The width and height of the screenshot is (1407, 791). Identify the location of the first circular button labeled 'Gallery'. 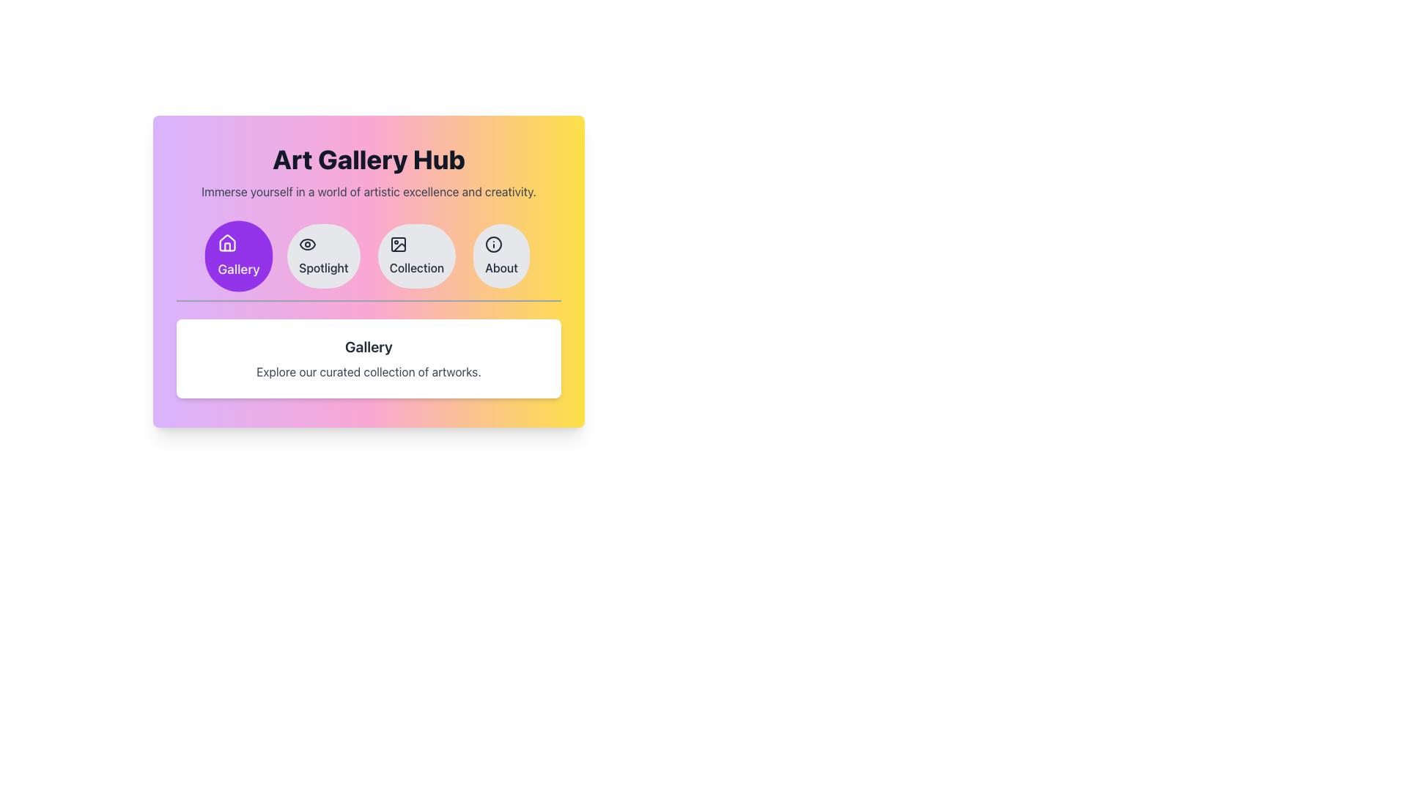
(239, 256).